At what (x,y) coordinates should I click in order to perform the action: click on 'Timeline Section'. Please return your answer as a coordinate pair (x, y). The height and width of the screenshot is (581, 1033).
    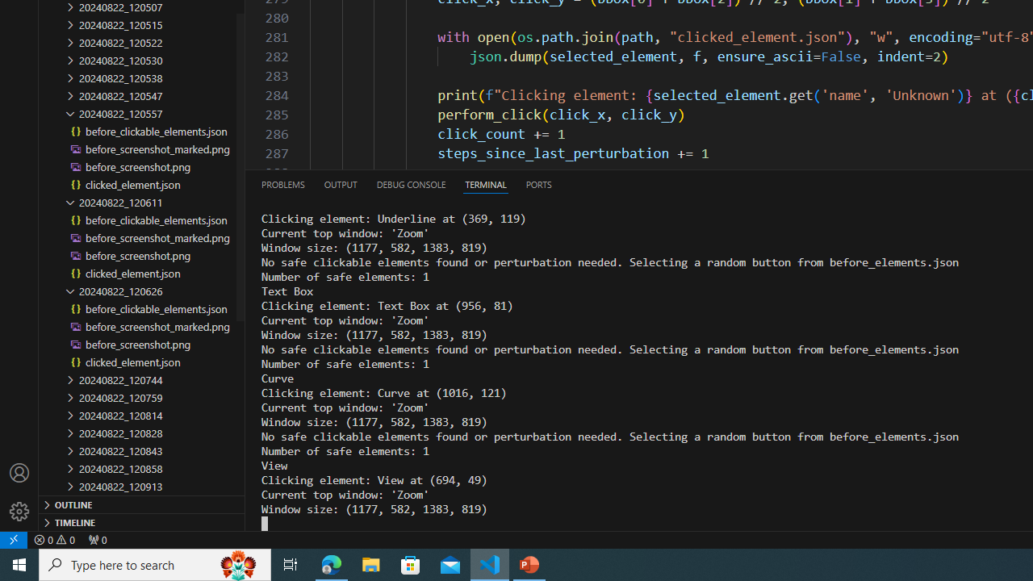
    Looking at the image, I should click on (142, 521).